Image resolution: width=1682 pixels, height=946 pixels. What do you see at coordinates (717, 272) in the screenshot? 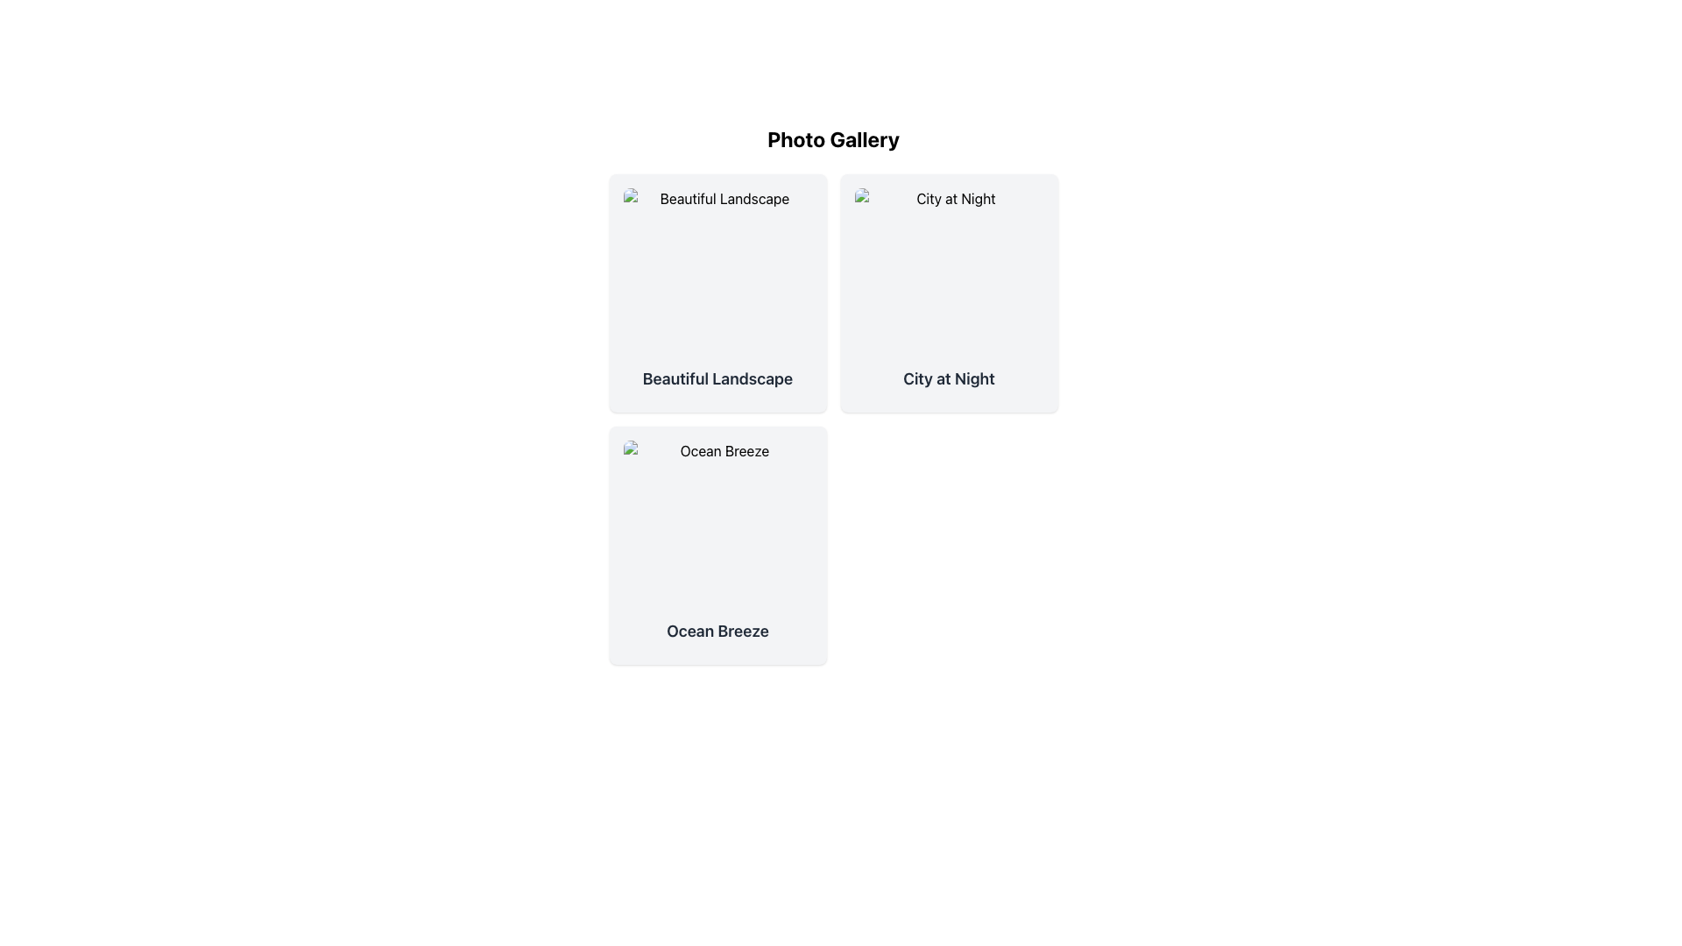
I see `the static image placeholder representing 'Beautiful Landscape' in the 'Photo Gallery' section, located at the top of the leftmost card` at bounding box center [717, 272].